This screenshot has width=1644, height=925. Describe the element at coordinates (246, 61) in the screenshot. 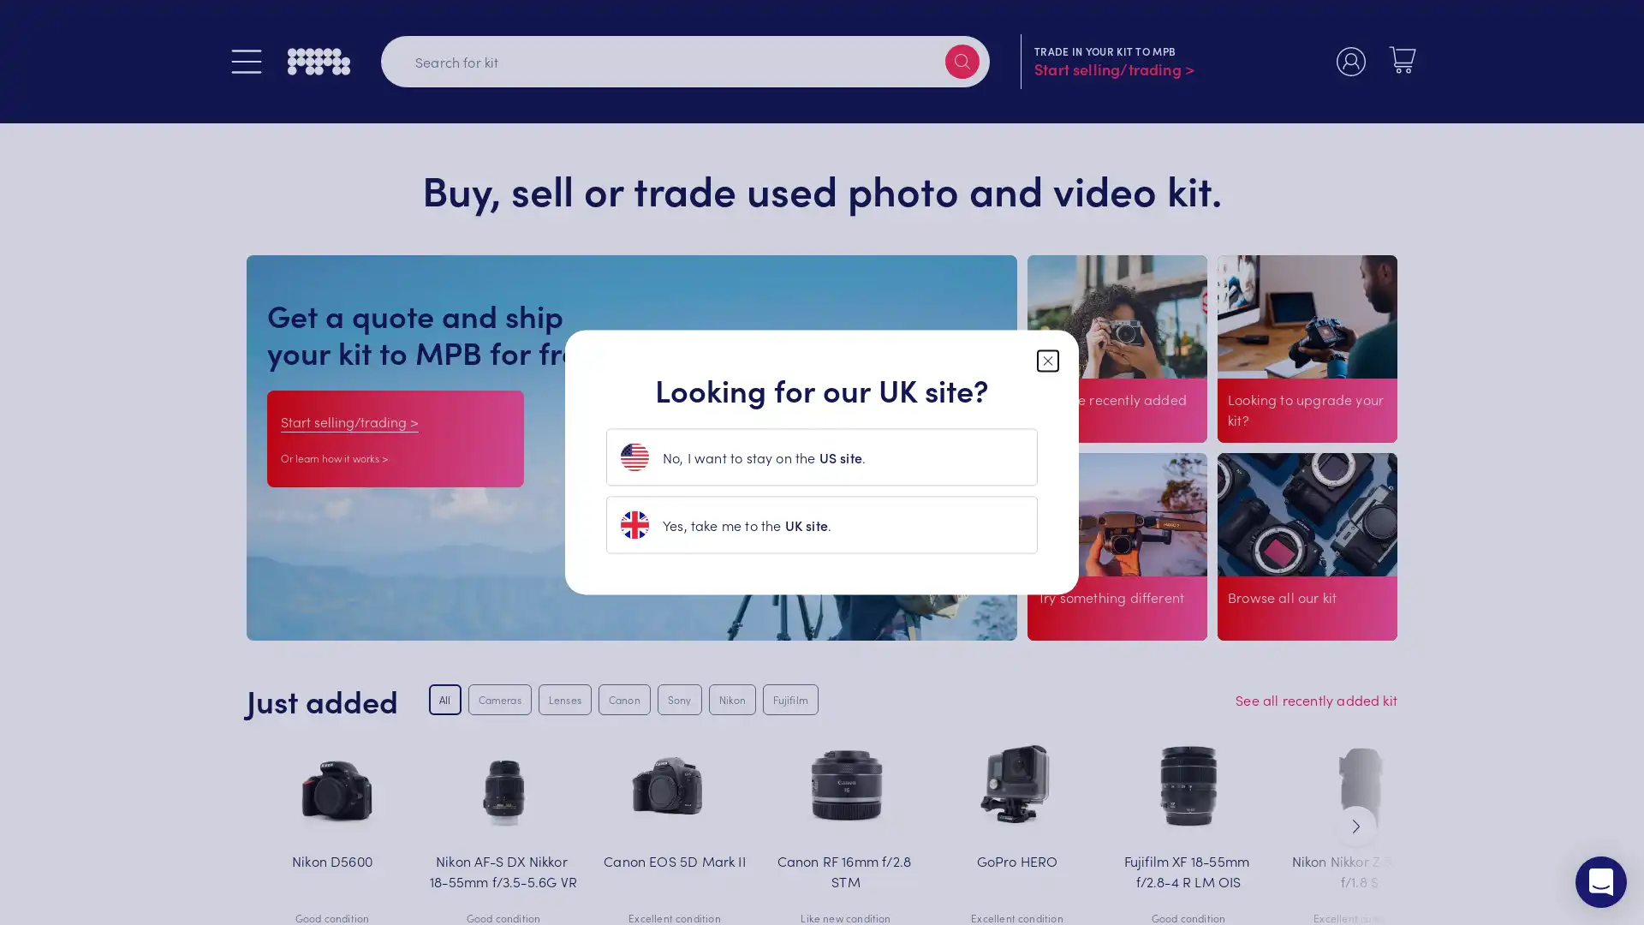

I see `Menu` at that location.